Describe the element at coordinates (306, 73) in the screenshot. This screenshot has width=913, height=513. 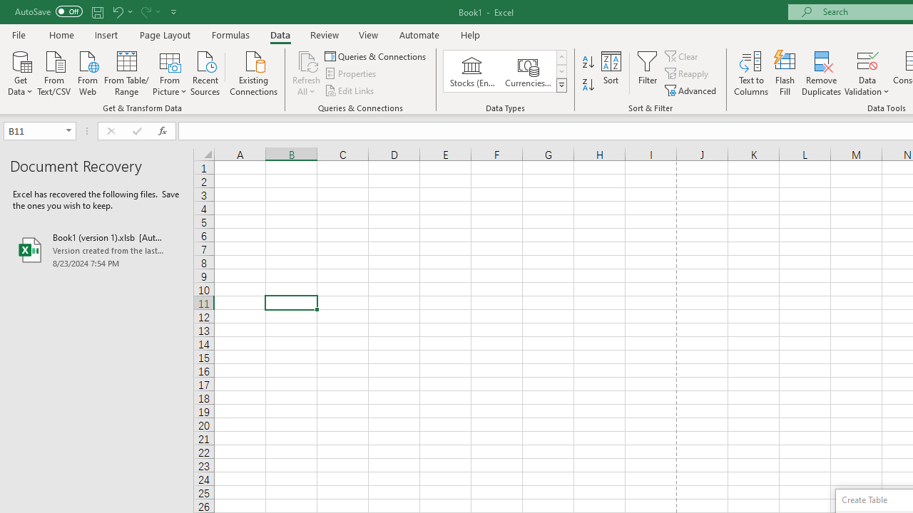
I see `'Refresh All'` at that location.